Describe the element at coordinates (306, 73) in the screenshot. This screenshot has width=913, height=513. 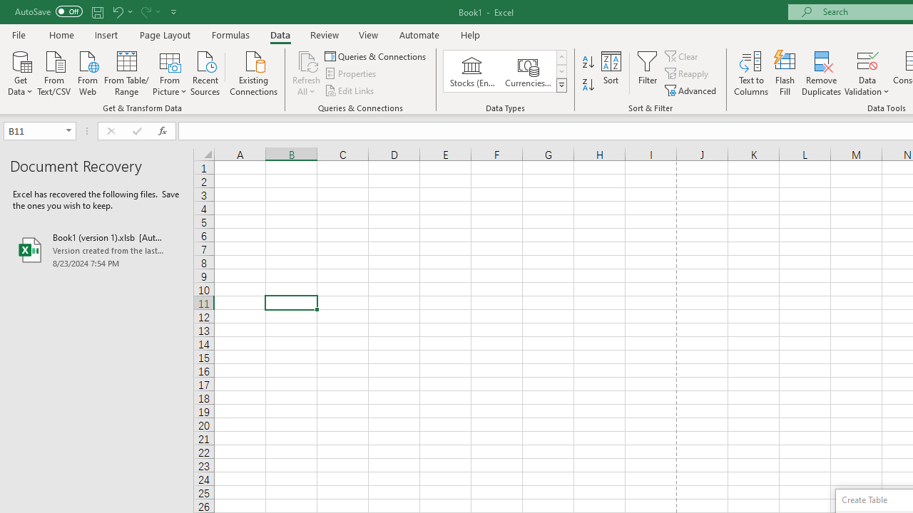
I see `'Refresh All'` at that location.